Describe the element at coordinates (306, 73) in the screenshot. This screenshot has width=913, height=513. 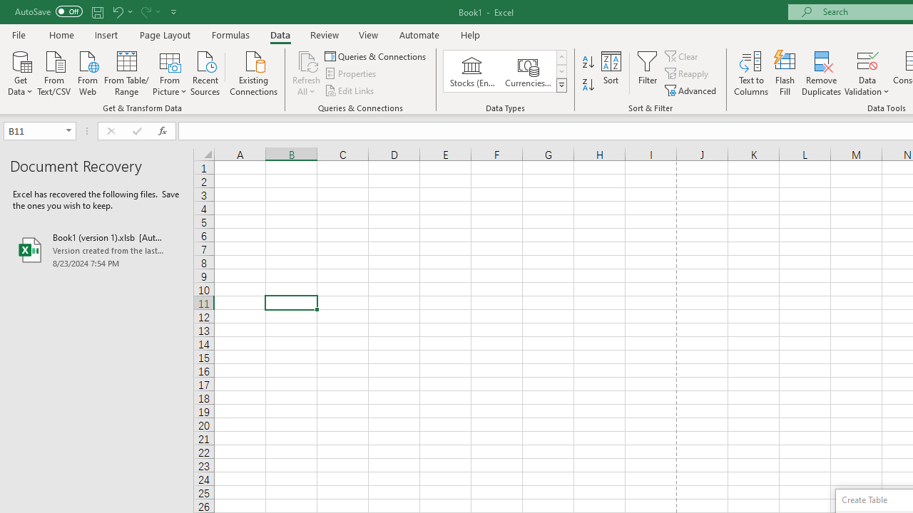
I see `'Refresh All'` at that location.